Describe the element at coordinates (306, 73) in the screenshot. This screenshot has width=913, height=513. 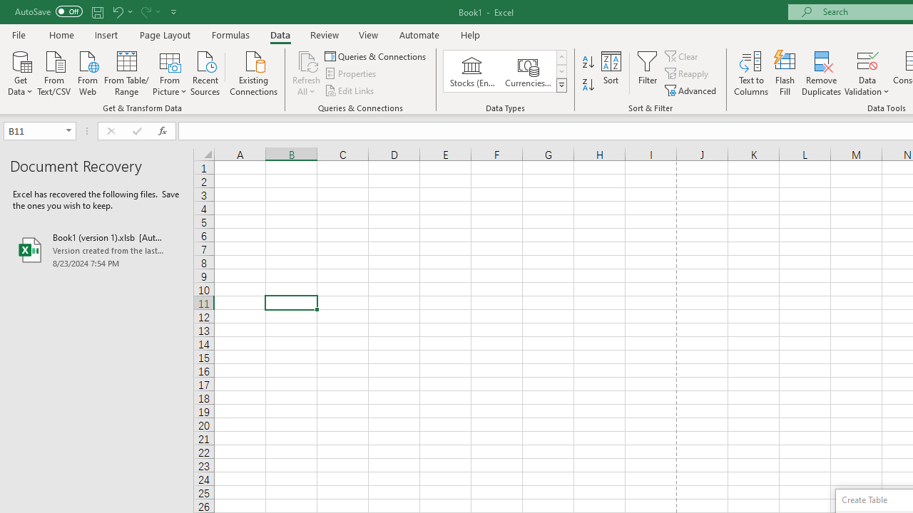
I see `'Refresh All'` at that location.